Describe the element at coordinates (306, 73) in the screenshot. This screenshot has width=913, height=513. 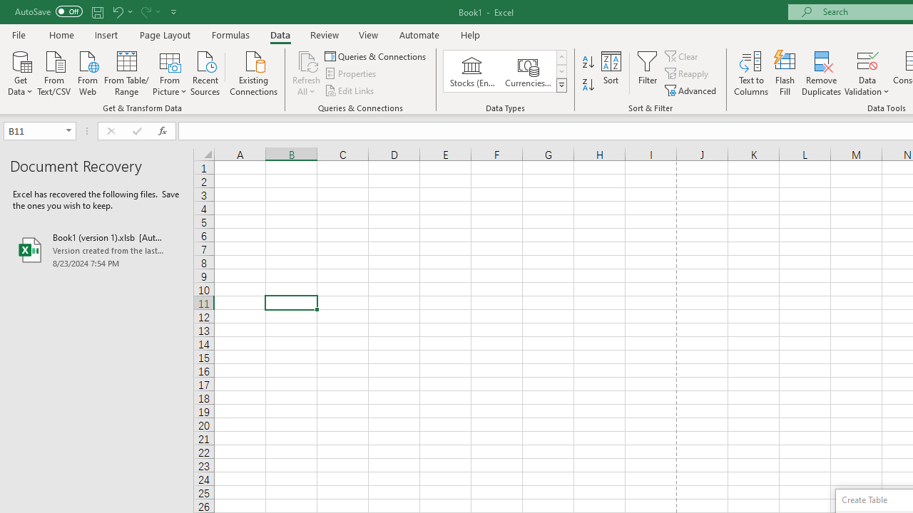
I see `'Refresh All'` at that location.